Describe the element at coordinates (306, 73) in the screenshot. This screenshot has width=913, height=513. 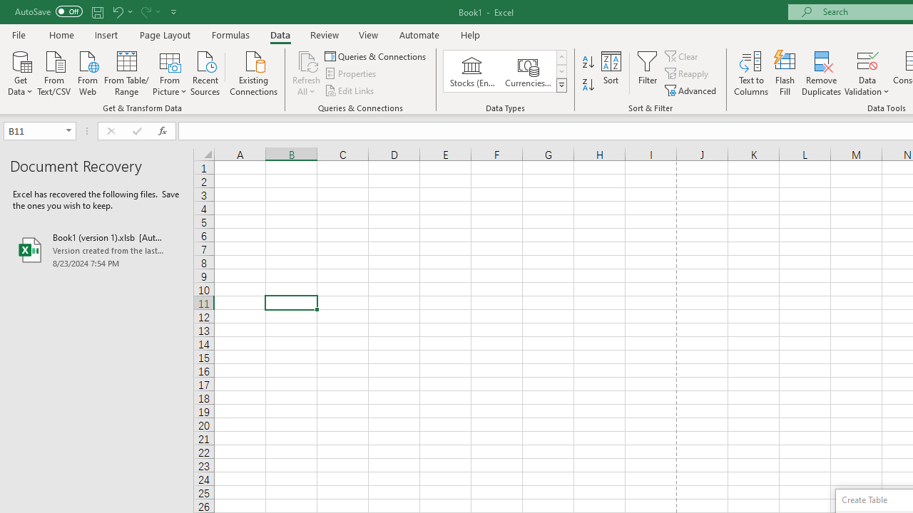
I see `'Refresh All'` at that location.